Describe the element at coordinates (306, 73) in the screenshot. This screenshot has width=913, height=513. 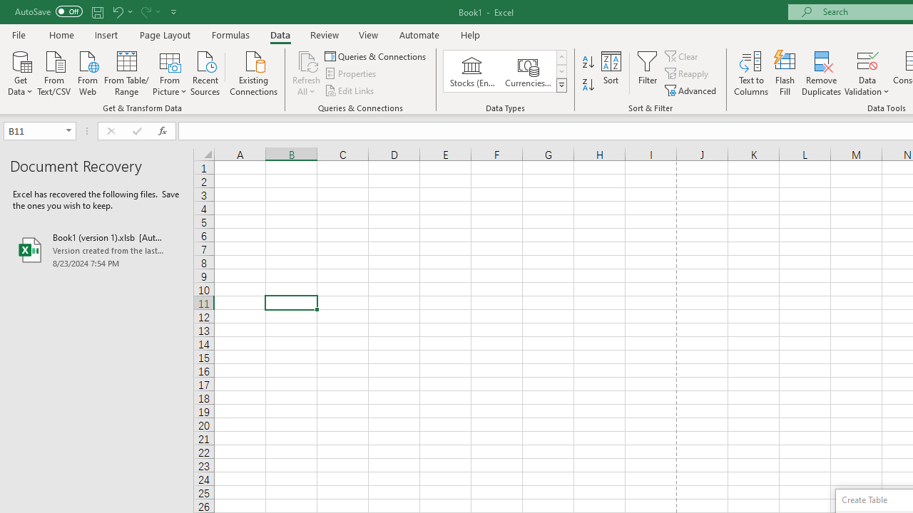
I see `'Refresh All'` at that location.